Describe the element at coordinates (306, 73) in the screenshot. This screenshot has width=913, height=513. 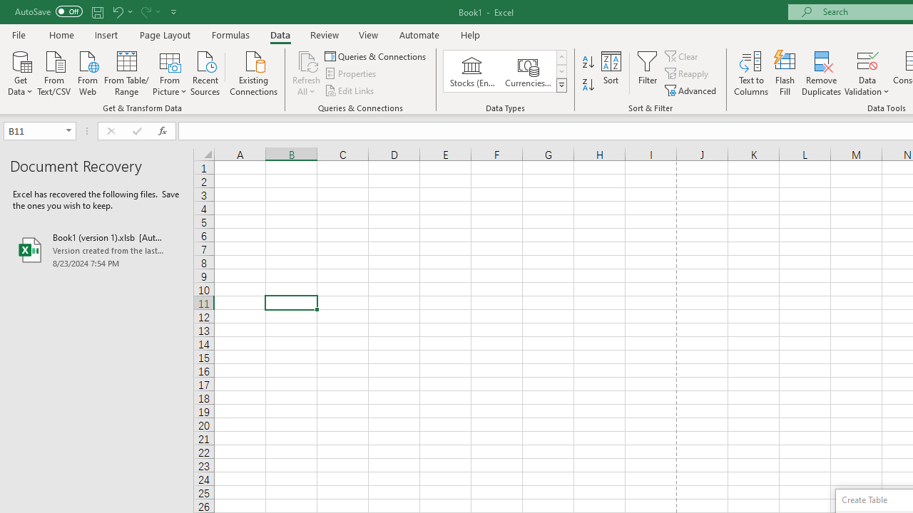
I see `'Refresh All'` at that location.